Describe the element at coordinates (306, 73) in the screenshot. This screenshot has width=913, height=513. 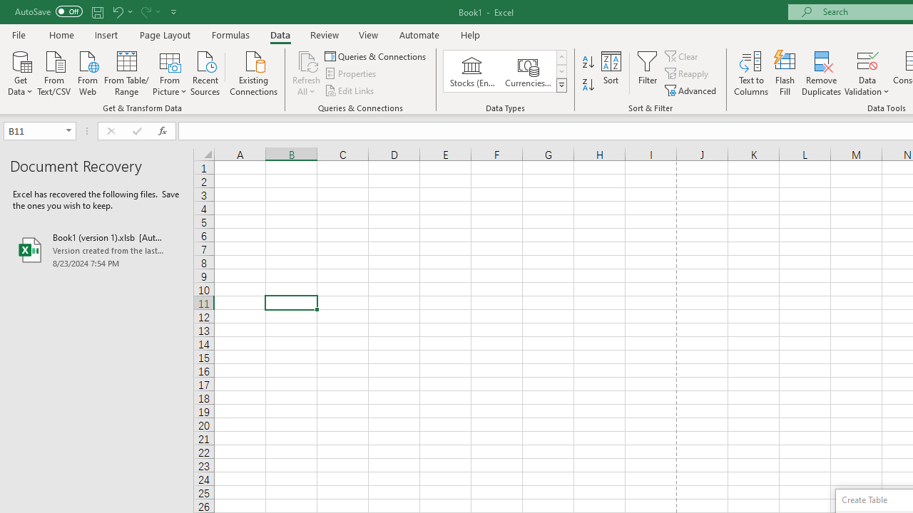
I see `'Refresh All'` at that location.